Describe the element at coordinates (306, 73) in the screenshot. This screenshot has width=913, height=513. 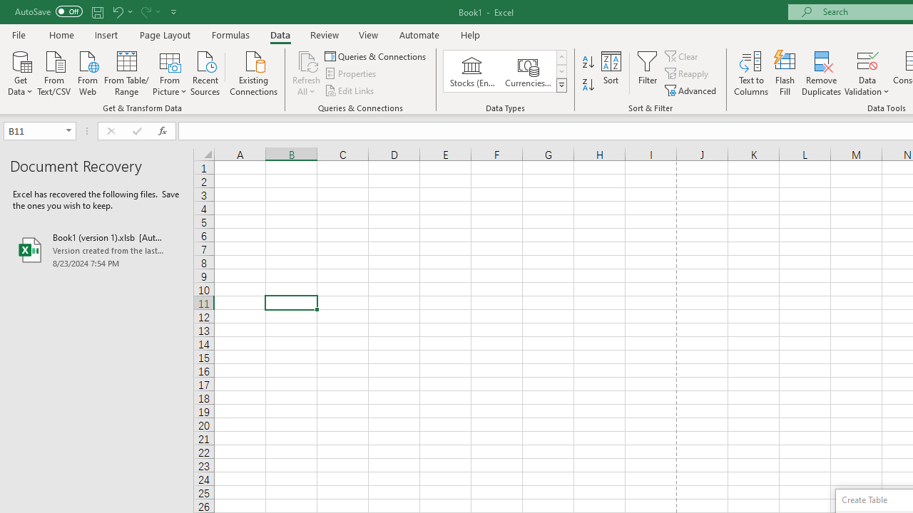
I see `'Refresh All'` at that location.